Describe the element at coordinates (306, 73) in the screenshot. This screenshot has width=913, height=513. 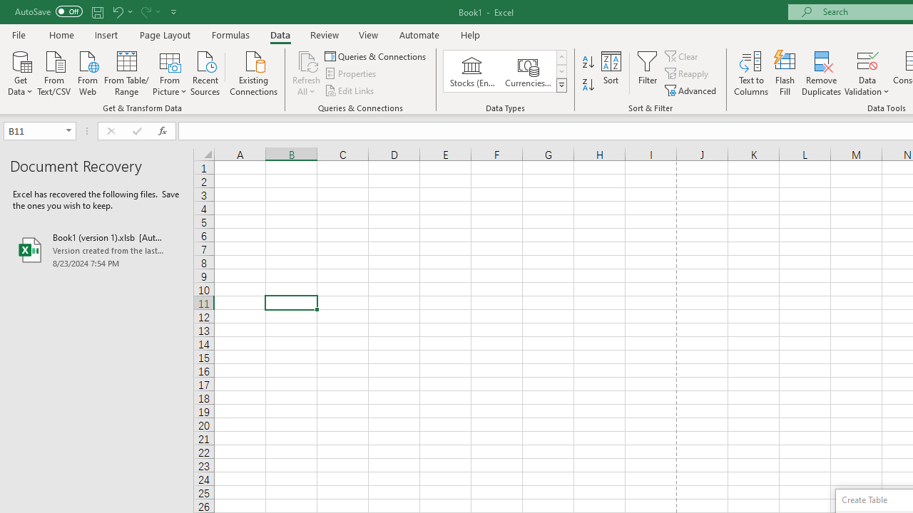
I see `'Refresh All'` at that location.